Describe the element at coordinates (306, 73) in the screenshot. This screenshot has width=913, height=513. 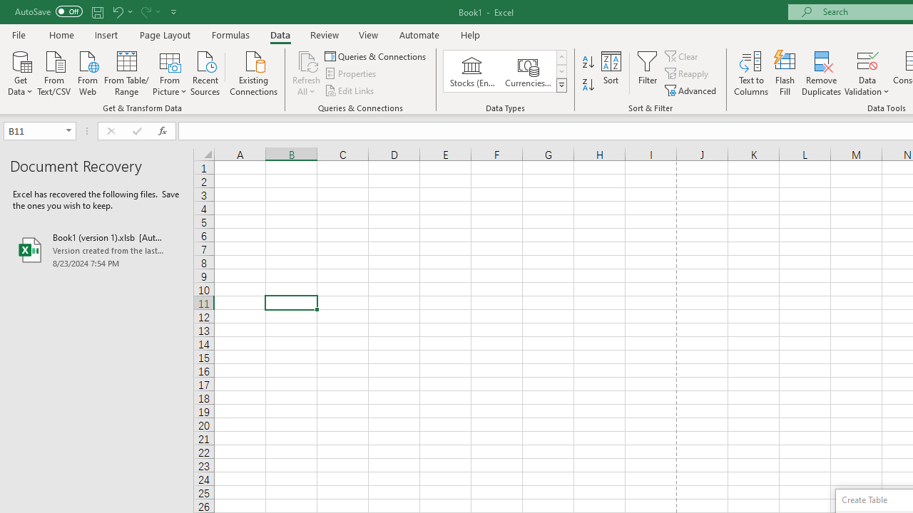
I see `'Refresh All'` at that location.